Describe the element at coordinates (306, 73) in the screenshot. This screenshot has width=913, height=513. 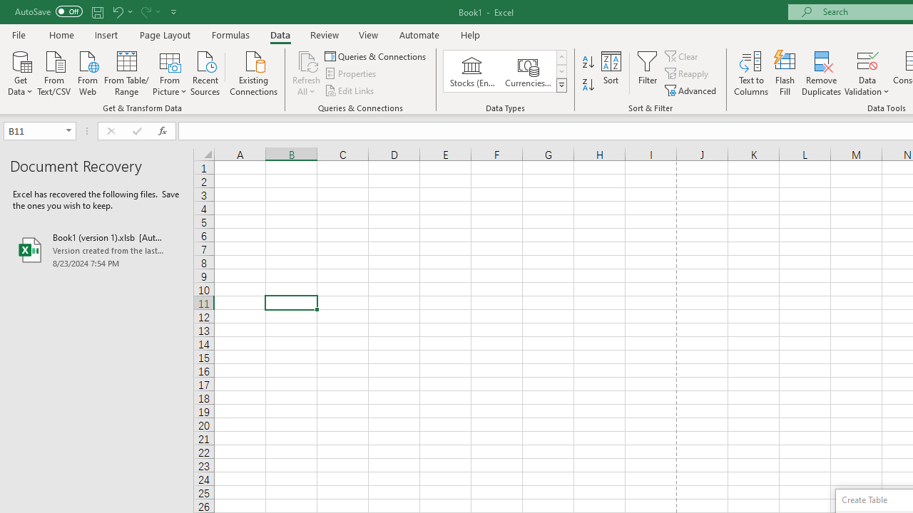
I see `'Refresh All'` at that location.